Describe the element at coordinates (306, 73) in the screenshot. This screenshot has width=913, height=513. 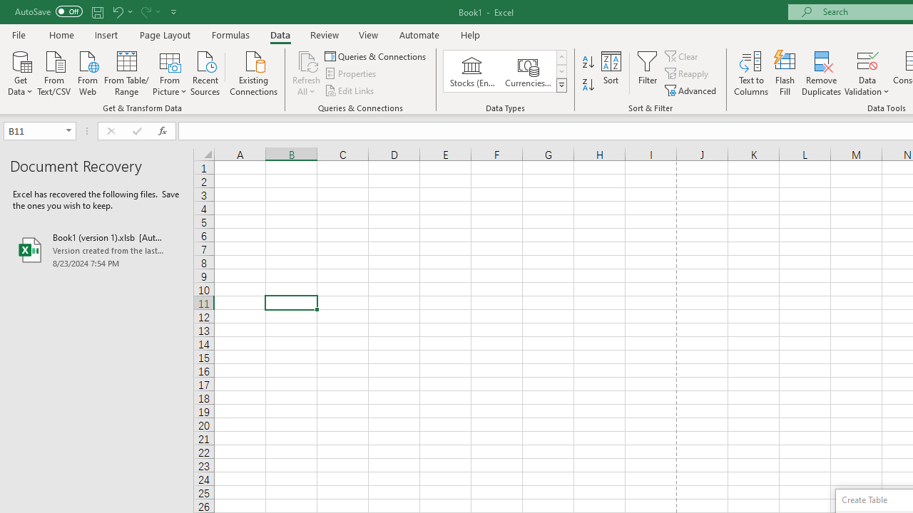
I see `'Refresh All'` at that location.